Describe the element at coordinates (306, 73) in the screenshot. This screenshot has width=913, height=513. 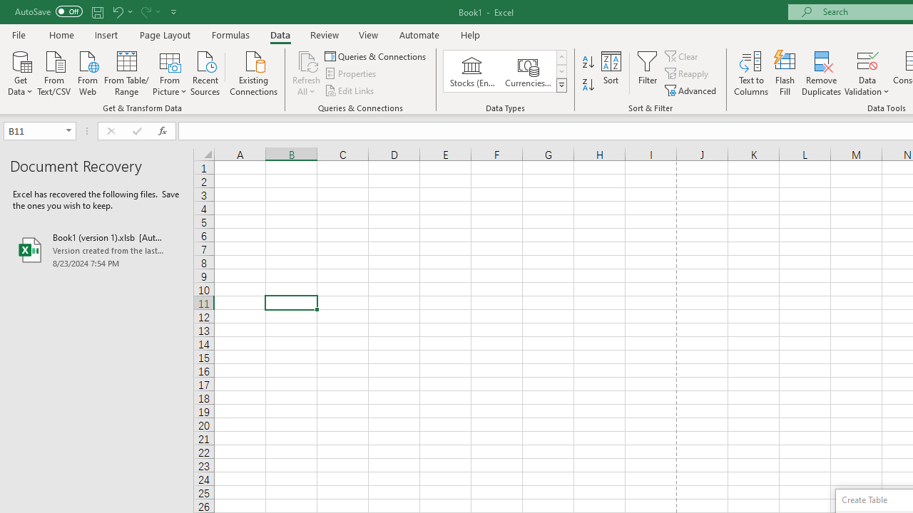
I see `'Refresh All'` at that location.